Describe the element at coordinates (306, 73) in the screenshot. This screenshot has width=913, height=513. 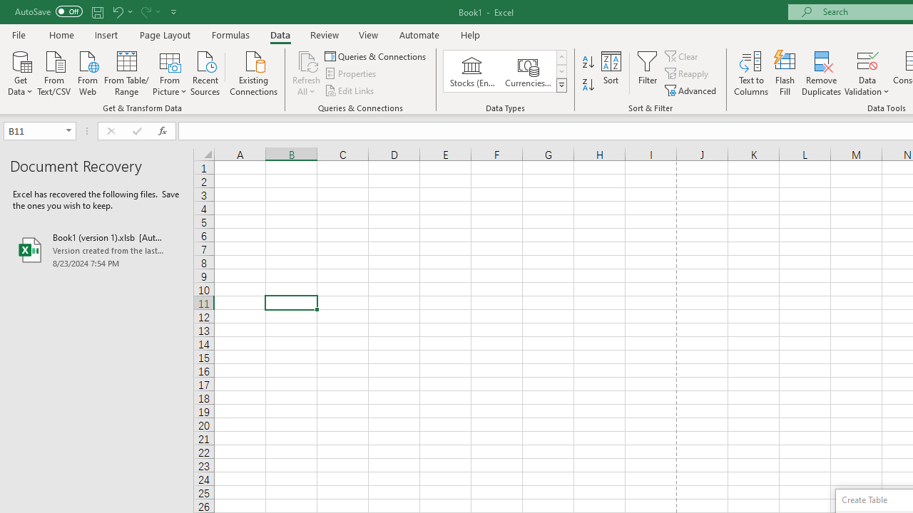
I see `'Refresh All'` at that location.